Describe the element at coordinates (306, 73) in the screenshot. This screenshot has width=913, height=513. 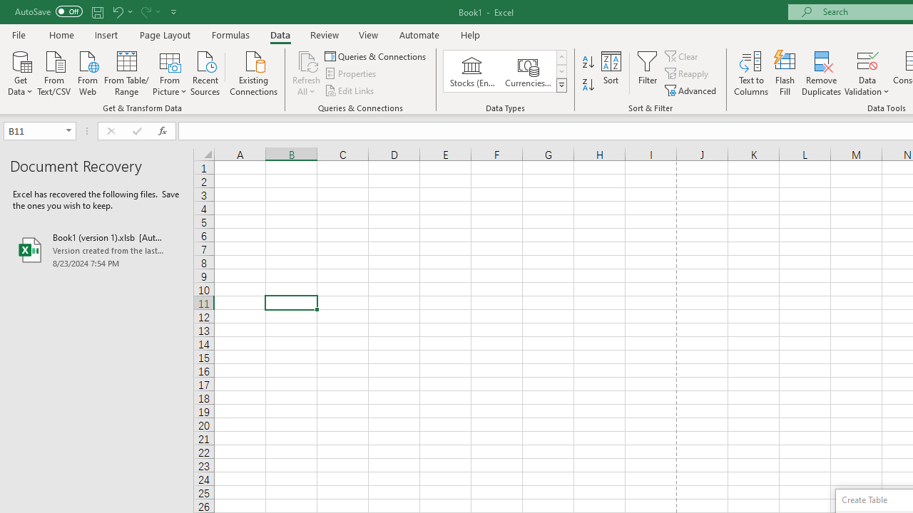
I see `'Refresh All'` at that location.